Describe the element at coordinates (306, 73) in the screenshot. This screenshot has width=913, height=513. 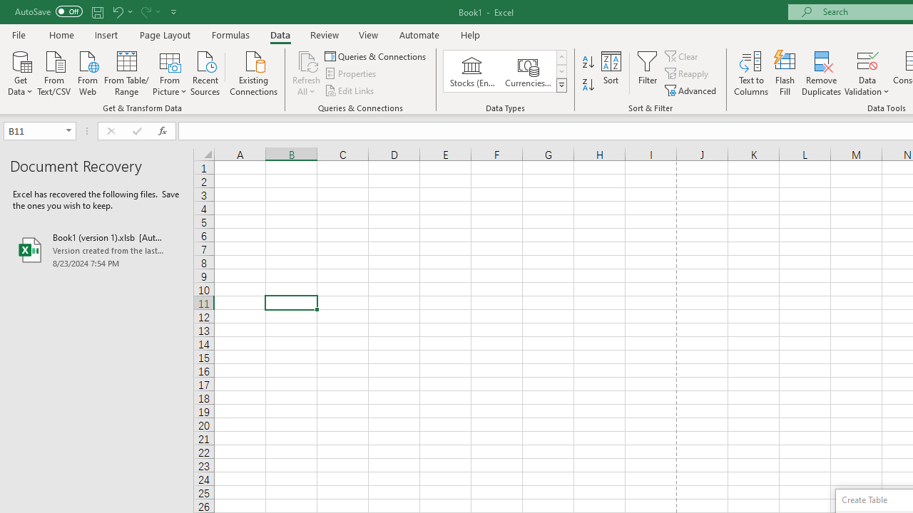
I see `'Refresh All'` at that location.